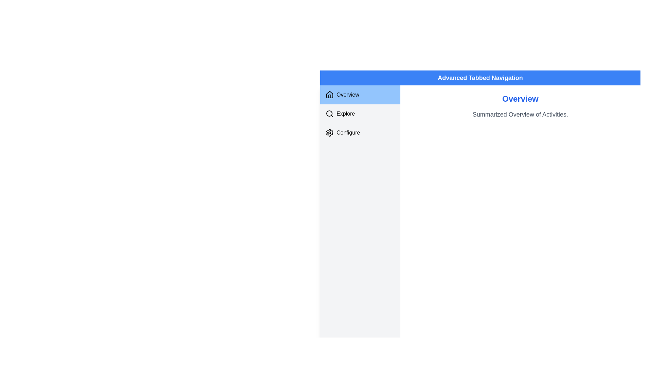 Image resolution: width=652 pixels, height=366 pixels. I want to click on text label indicating the navigation menu option for exploration, located to the right of the magnifying glass icon in the left sidebar, so click(346, 113).